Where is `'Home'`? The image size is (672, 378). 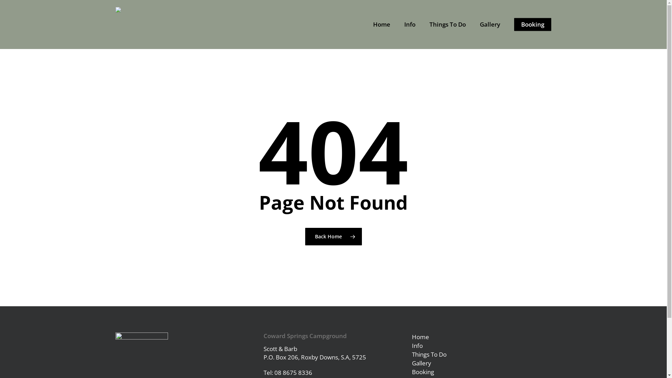
'Home' is located at coordinates (481, 336).